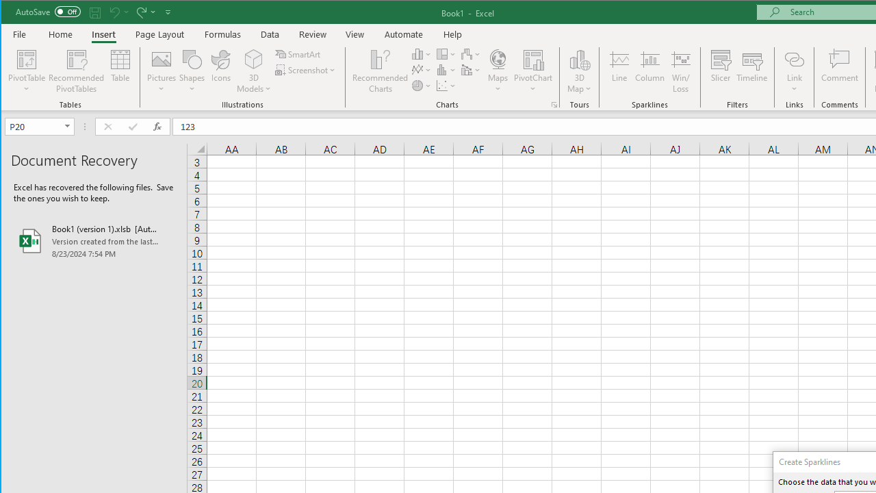  I want to click on 'Insert Scatter (X, Y) or Bubble Chart', so click(446, 86).